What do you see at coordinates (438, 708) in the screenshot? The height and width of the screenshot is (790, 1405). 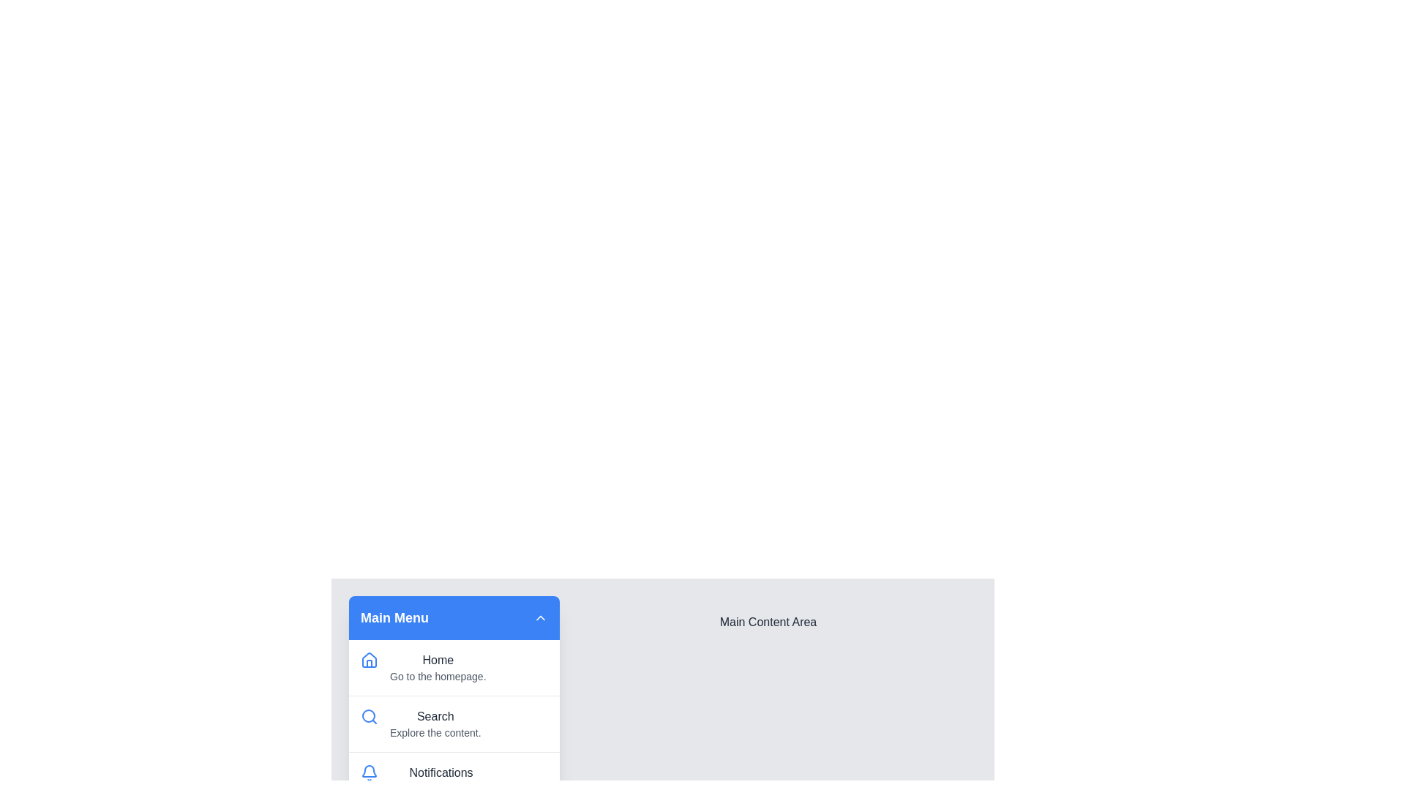 I see `the menu item Search to highlight it` at bounding box center [438, 708].